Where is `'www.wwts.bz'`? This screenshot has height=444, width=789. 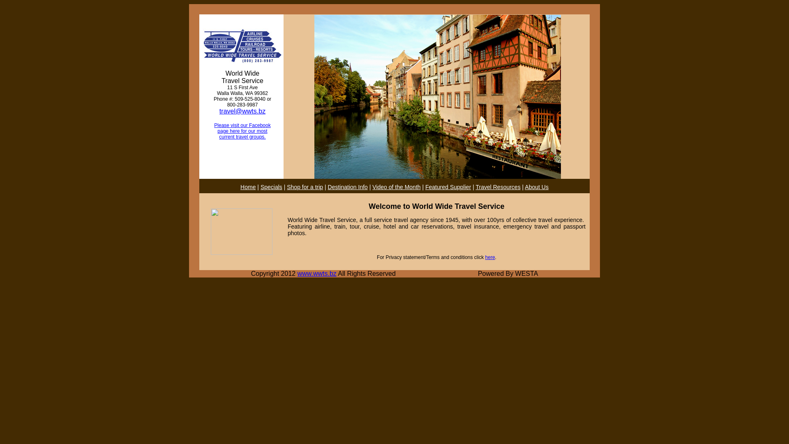
'www.wwts.bz' is located at coordinates (297, 273).